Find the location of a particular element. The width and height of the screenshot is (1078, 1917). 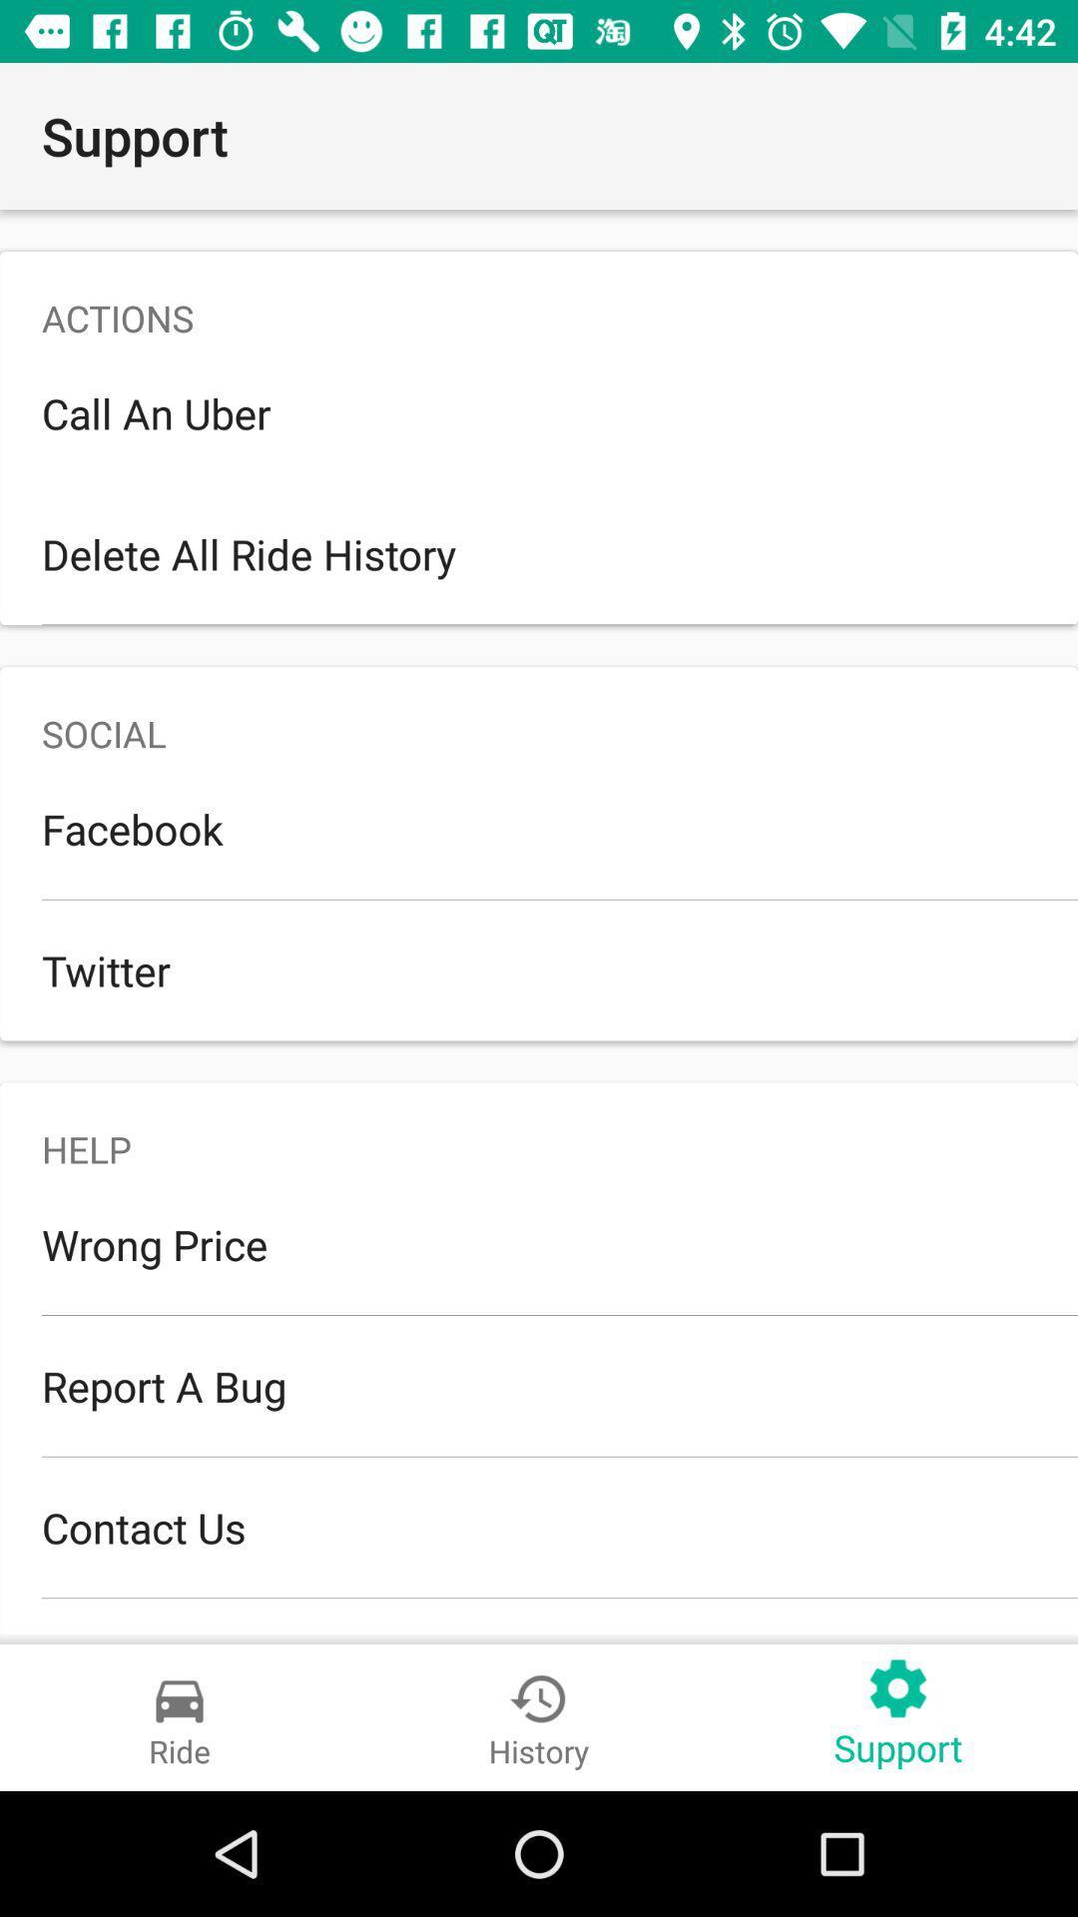

item below the social is located at coordinates (539, 829).